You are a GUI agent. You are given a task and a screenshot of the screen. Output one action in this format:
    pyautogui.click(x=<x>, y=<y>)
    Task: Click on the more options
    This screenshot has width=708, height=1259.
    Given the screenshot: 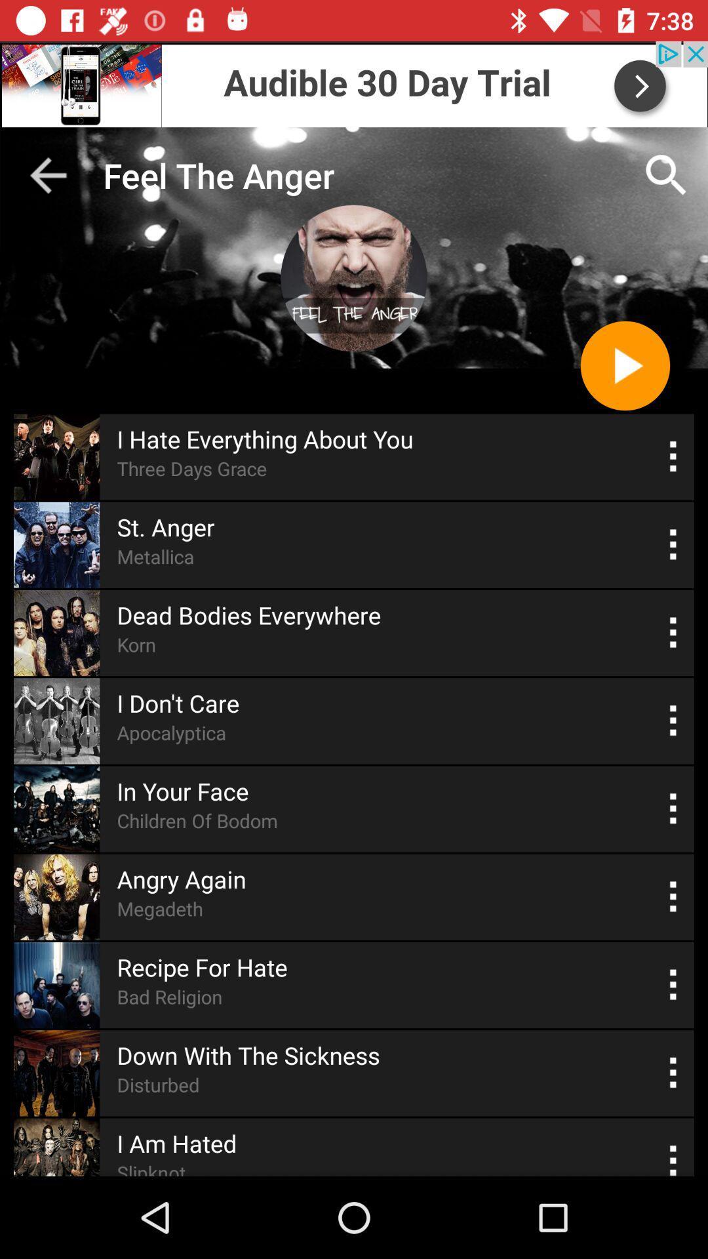 What is the action you would take?
    pyautogui.click(x=673, y=985)
    